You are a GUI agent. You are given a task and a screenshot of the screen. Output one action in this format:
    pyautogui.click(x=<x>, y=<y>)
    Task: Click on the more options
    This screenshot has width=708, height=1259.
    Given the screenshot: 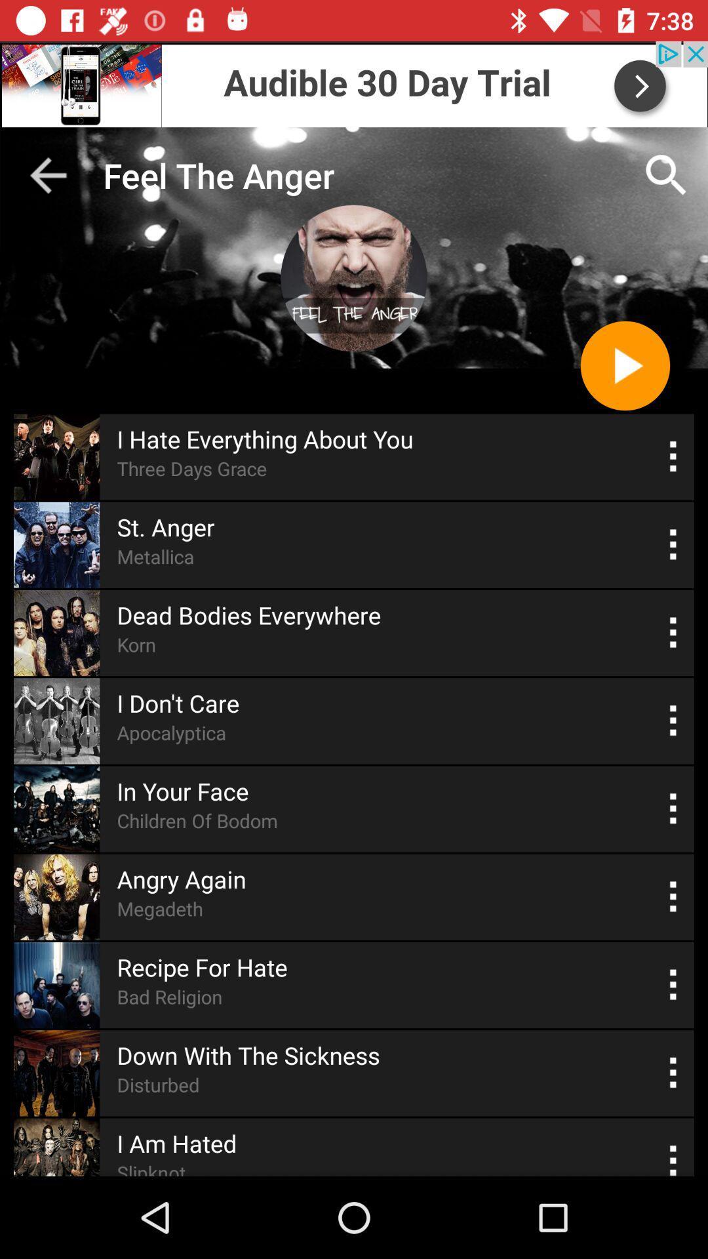 What is the action you would take?
    pyautogui.click(x=673, y=985)
    